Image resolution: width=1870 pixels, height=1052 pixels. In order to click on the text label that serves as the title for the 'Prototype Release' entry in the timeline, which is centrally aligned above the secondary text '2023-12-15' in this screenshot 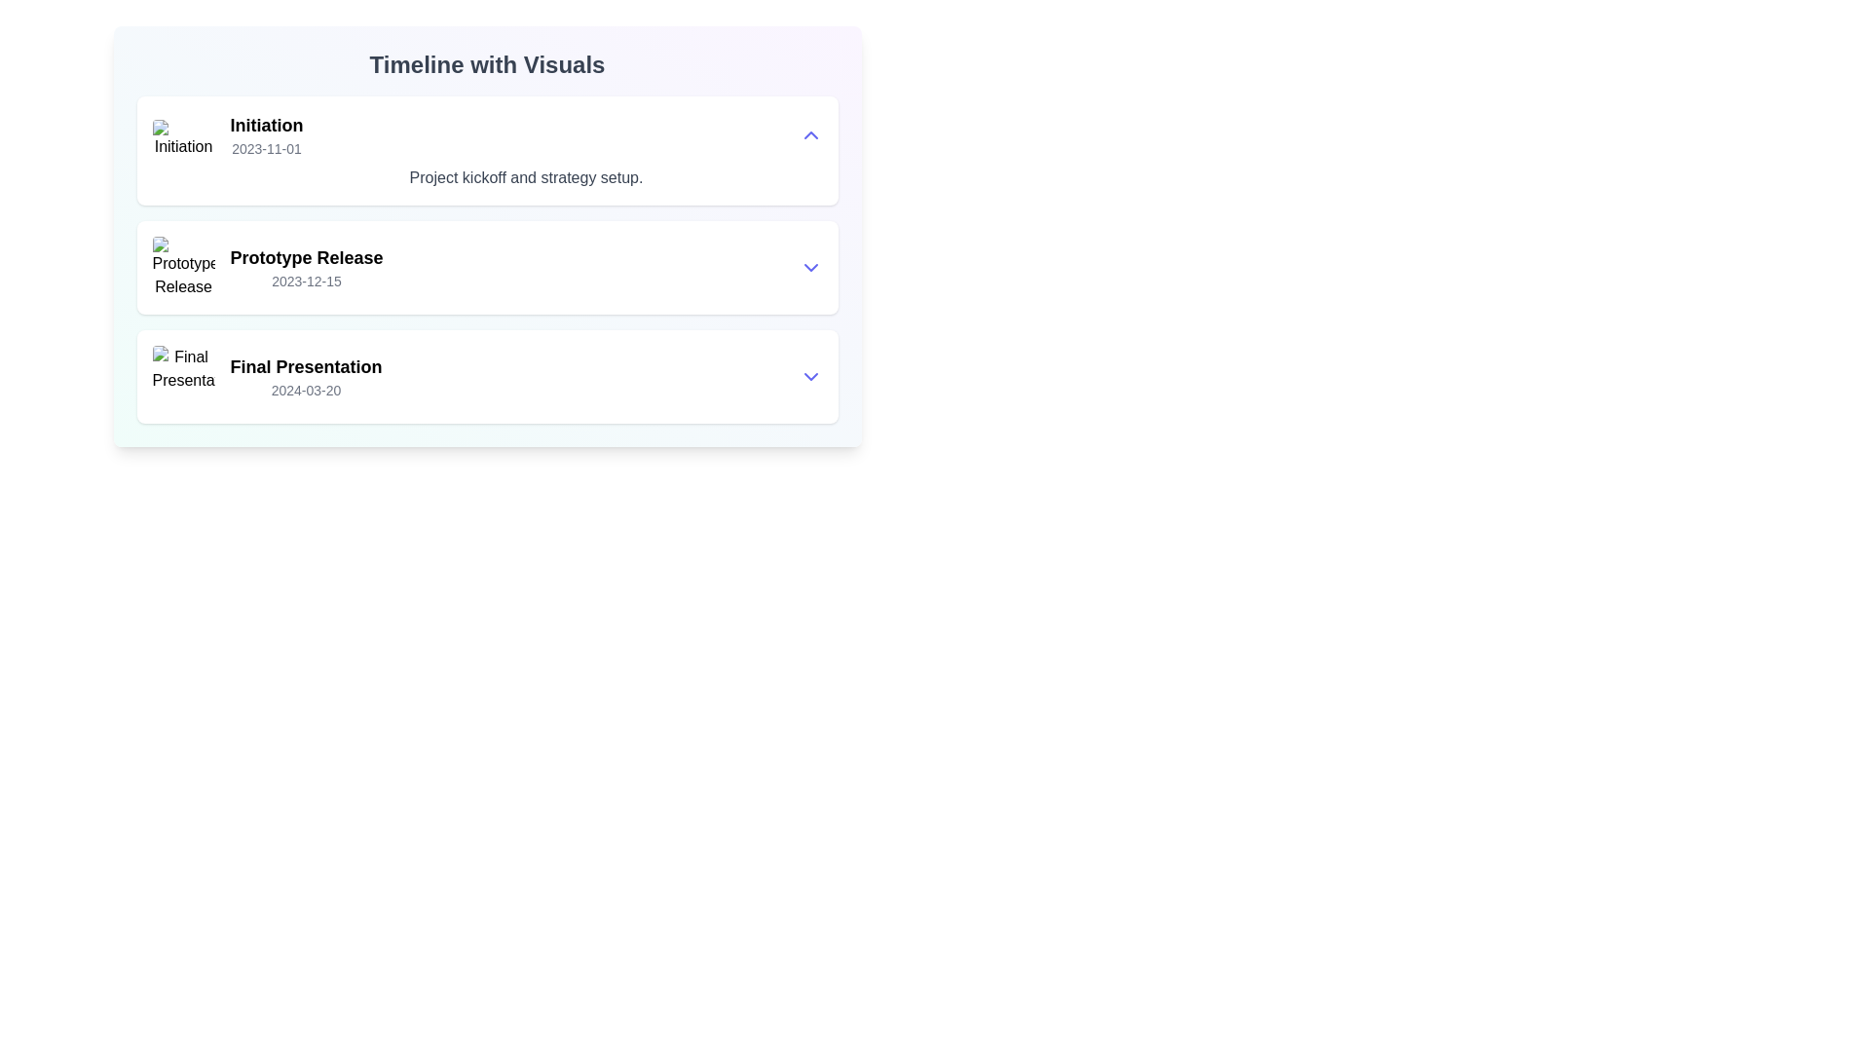, I will do `click(306, 257)`.